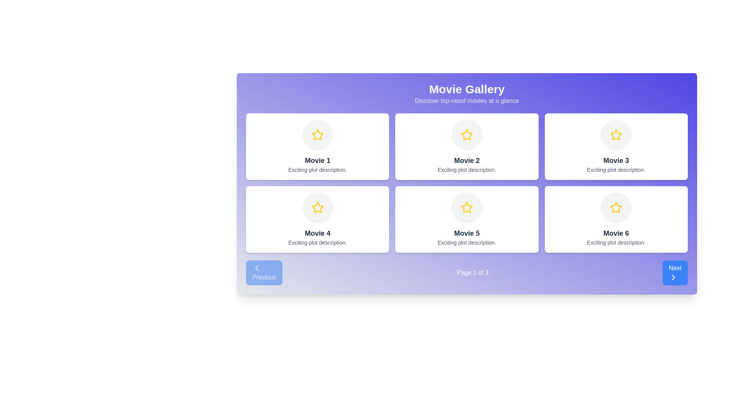  What do you see at coordinates (616, 207) in the screenshot?
I see `the 5th star icon in the grid layout that symbolizes a rating for 'Movie 5'` at bounding box center [616, 207].